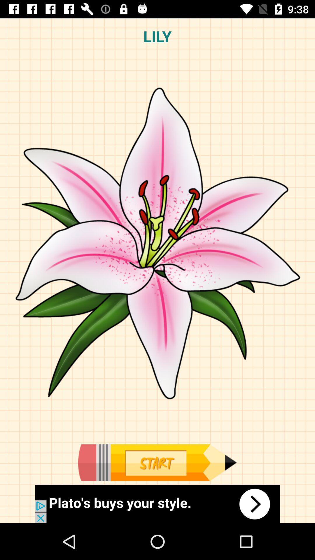 Image resolution: width=315 pixels, height=560 pixels. What do you see at coordinates (157, 462) in the screenshot?
I see `start game` at bounding box center [157, 462].